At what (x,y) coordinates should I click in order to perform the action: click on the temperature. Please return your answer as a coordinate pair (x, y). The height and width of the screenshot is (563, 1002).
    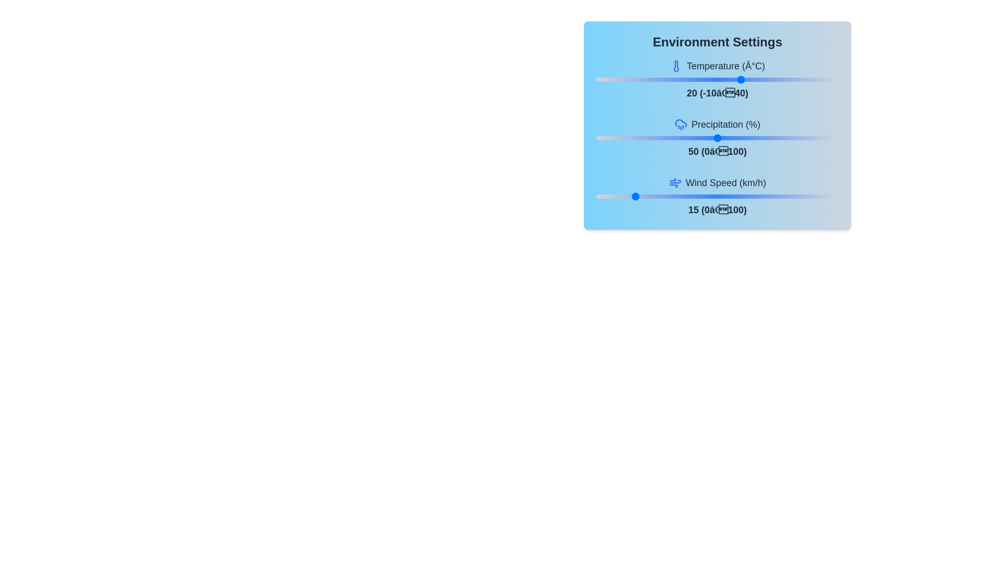
    Looking at the image, I should click on (649, 79).